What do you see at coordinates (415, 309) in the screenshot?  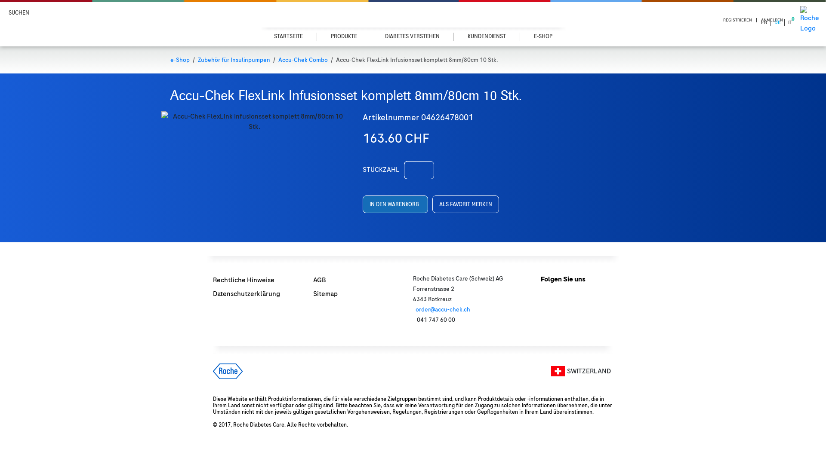 I see `'order@accu-chek.ch'` at bounding box center [415, 309].